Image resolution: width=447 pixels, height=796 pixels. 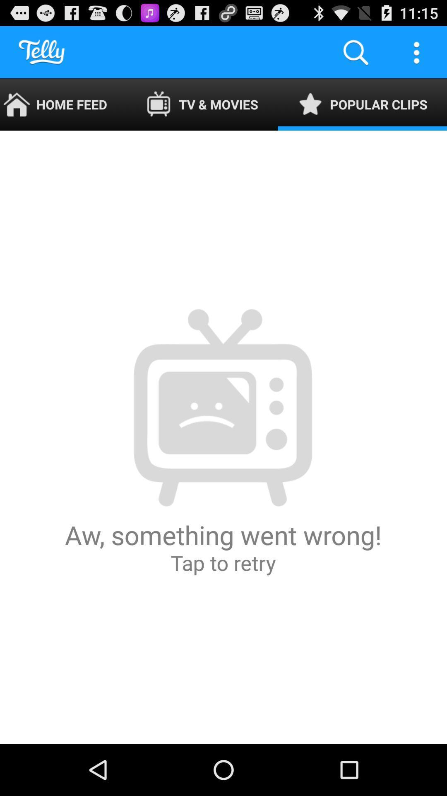 What do you see at coordinates (416, 51) in the screenshot?
I see `the icon above the popular clips item` at bounding box center [416, 51].